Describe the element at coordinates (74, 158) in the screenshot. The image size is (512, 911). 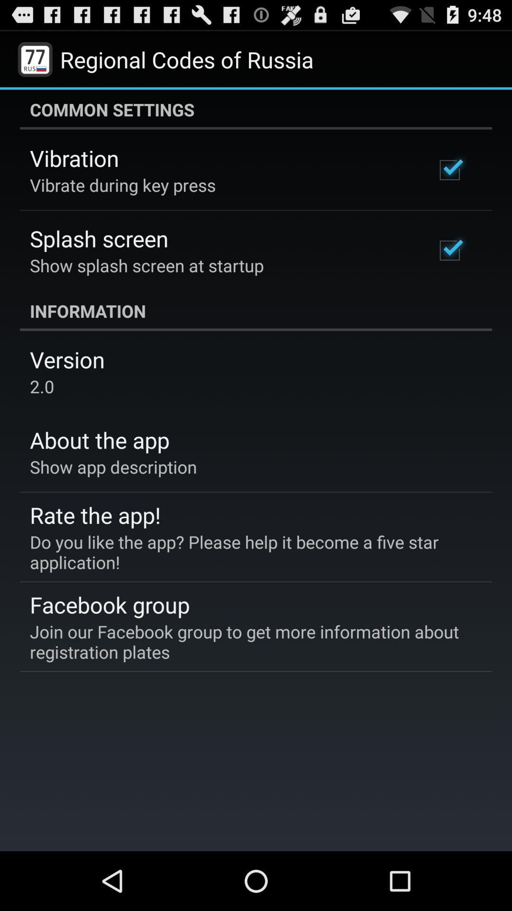
I see `the item below common settings item` at that location.